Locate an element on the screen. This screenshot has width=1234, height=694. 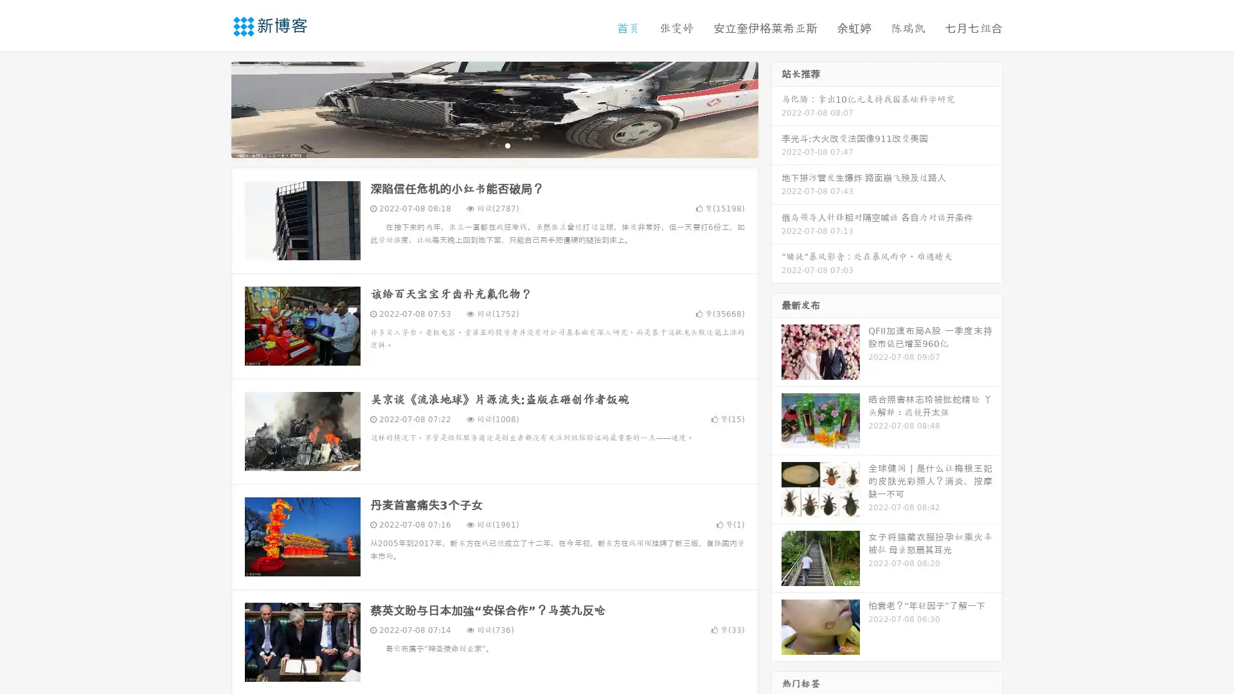
Go to slide 1 is located at coordinates (481, 145).